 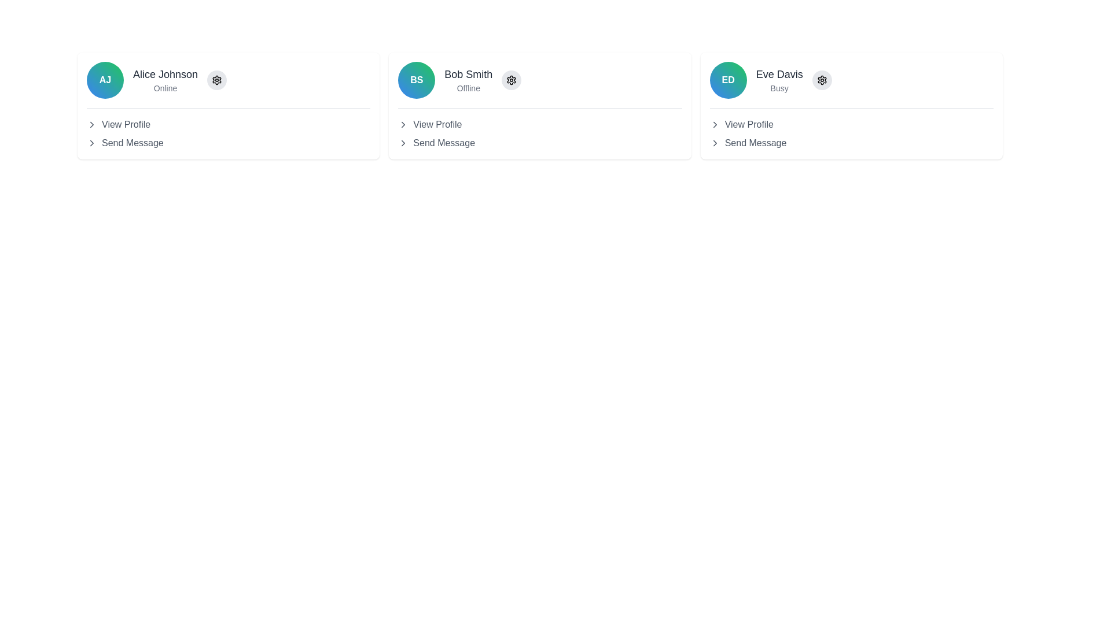 What do you see at coordinates (417, 79) in the screenshot?
I see `the circular badge with a gradient background and bold initials 'BS' for the profile section of 'Bob Smith'` at bounding box center [417, 79].